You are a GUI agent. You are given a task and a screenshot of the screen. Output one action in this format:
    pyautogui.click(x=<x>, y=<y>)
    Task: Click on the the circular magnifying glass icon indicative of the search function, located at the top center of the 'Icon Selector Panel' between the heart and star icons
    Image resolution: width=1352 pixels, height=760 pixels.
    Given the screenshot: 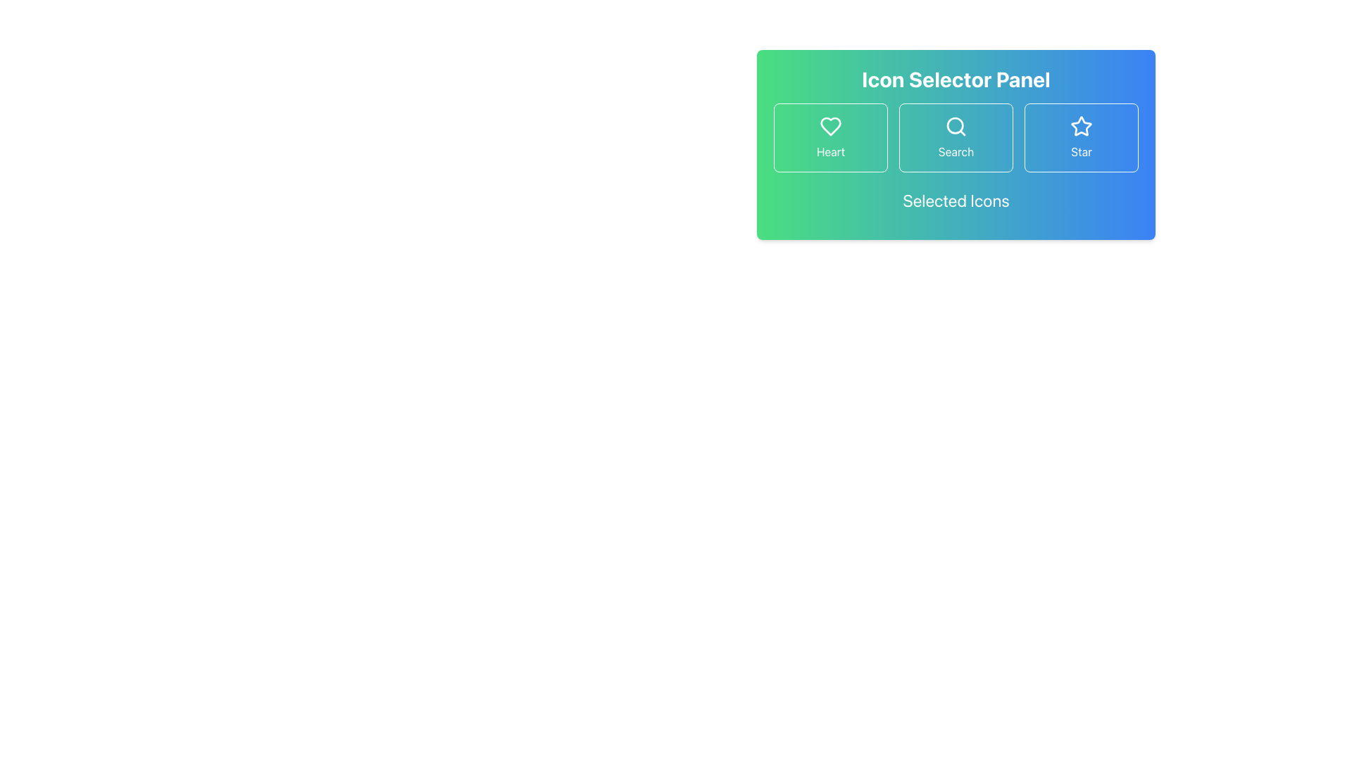 What is the action you would take?
    pyautogui.click(x=956, y=127)
    